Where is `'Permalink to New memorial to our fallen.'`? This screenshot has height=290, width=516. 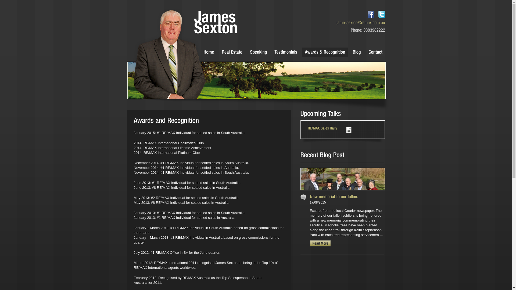 'Permalink to New memorial to our fallen.' is located at coordinates (334, 197).